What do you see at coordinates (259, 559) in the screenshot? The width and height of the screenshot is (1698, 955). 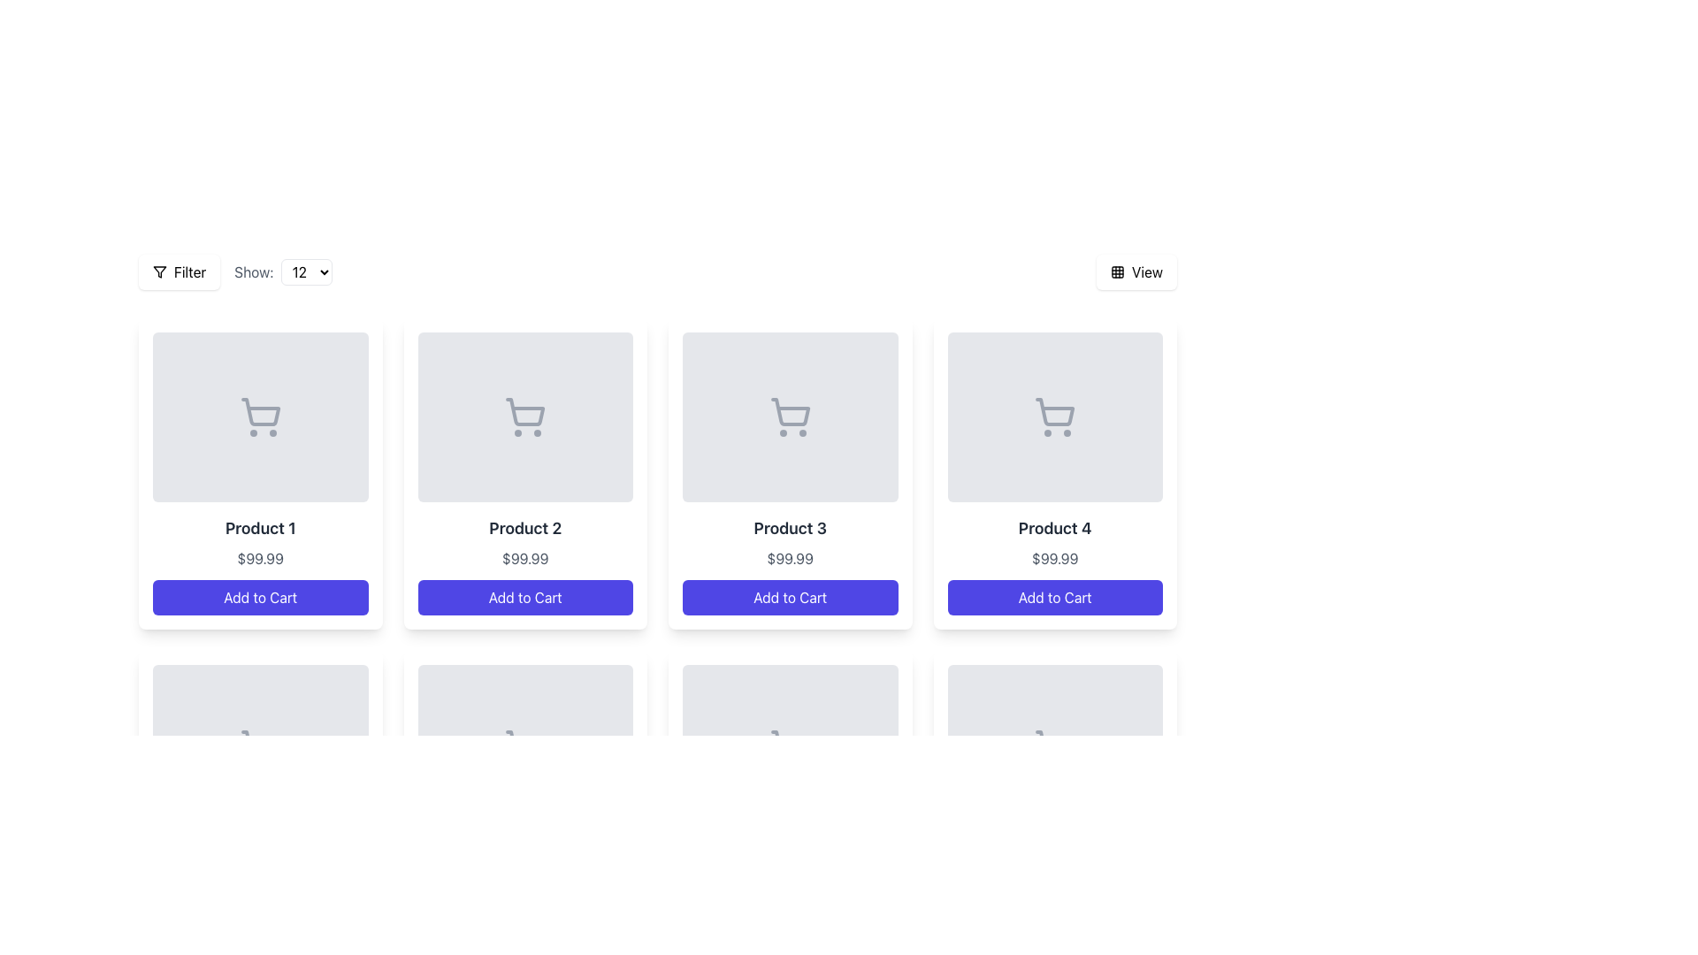 I see `the price text label displaying '$99.99', which is positioned below the product name 'Product 1' and above the 'Add to Cart' button` at bounding box center [259, 559].